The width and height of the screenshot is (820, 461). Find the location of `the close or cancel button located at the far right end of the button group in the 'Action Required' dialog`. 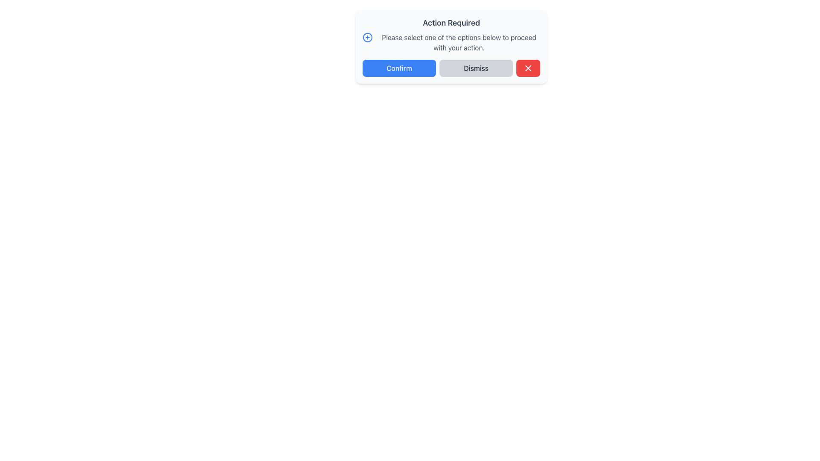

the close or cancel button located at the far right end of the button group in the 'Action Required' dialog is located at coordinates (528, 67).